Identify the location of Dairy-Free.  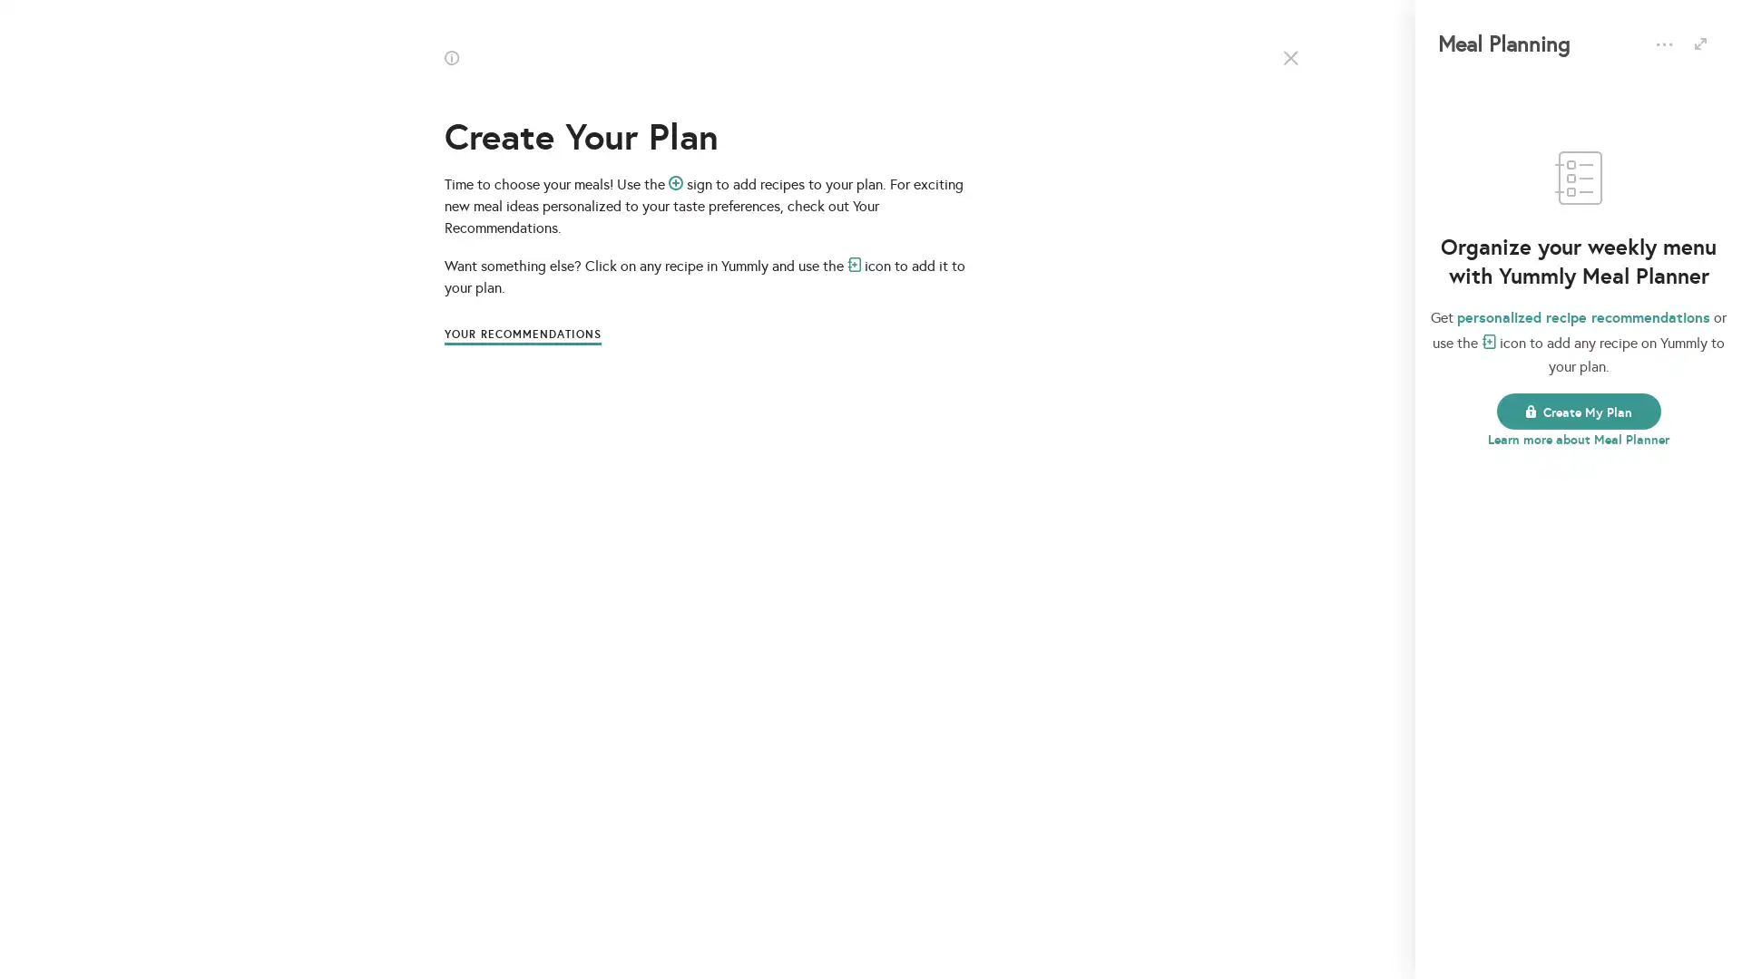
(1470, 373).